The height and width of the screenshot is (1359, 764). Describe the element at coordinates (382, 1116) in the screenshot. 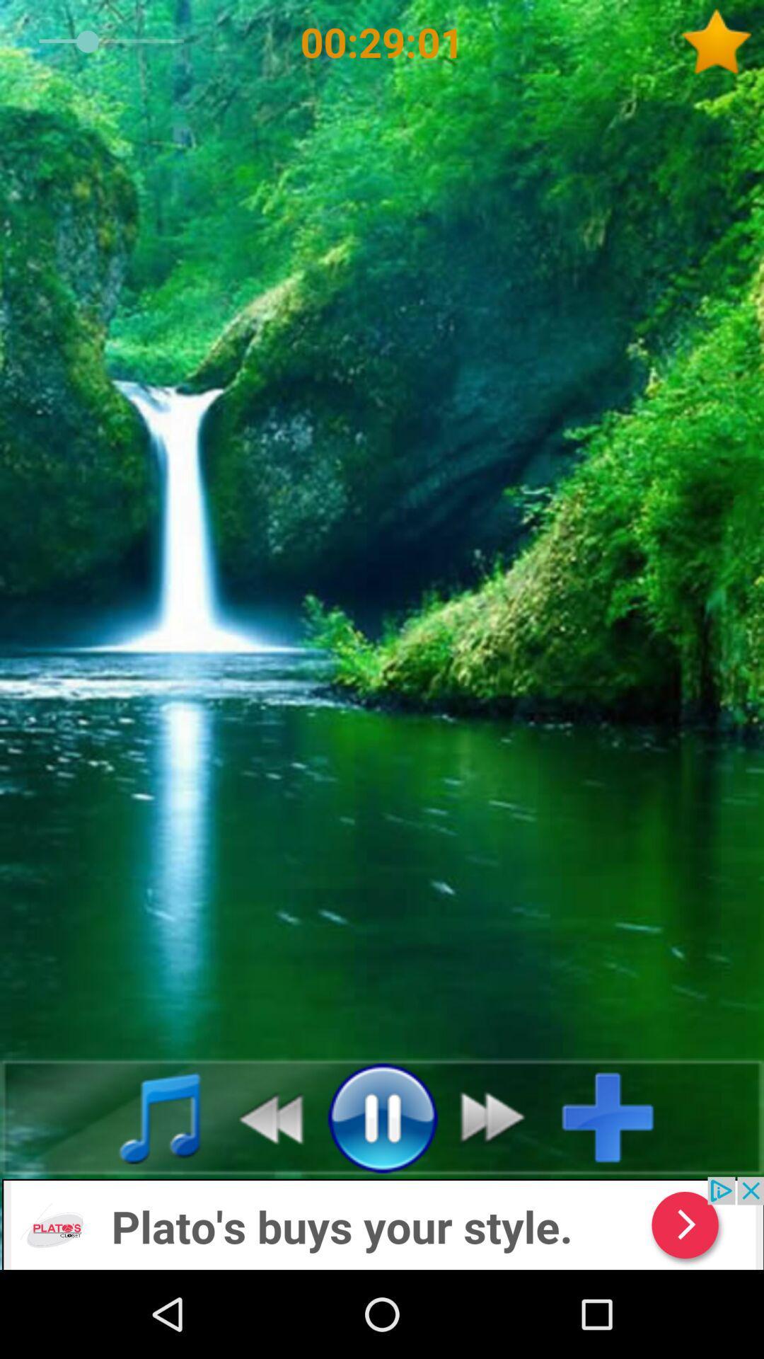

I see `the pause icon` at that location.